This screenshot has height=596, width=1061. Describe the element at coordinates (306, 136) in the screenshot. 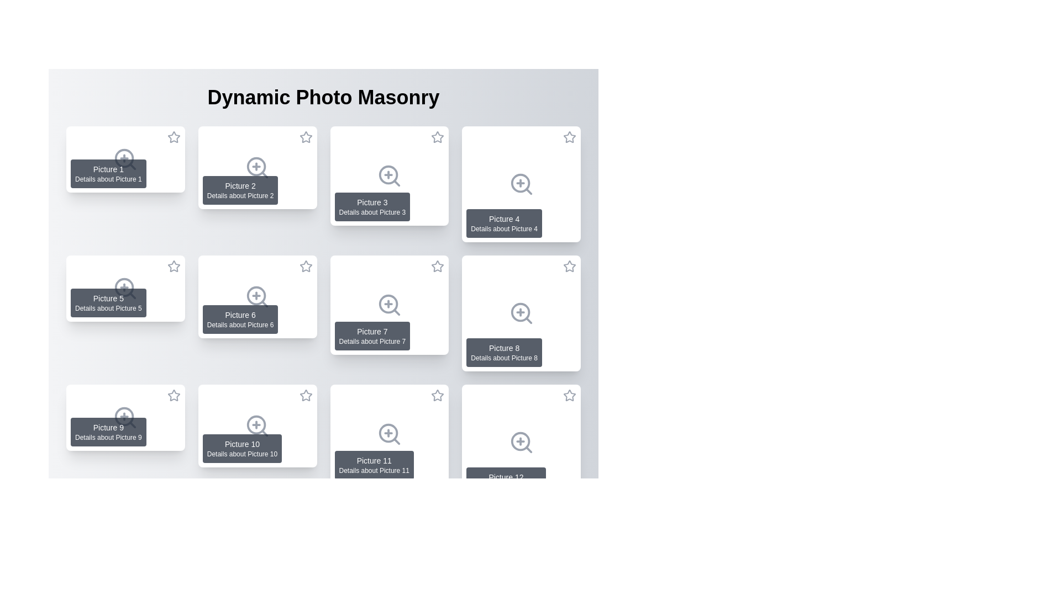

I see `the star-shaped favorite icon located in the top-right corner of the card labeled 'Picture 2' to mark it as favorite` at that location.